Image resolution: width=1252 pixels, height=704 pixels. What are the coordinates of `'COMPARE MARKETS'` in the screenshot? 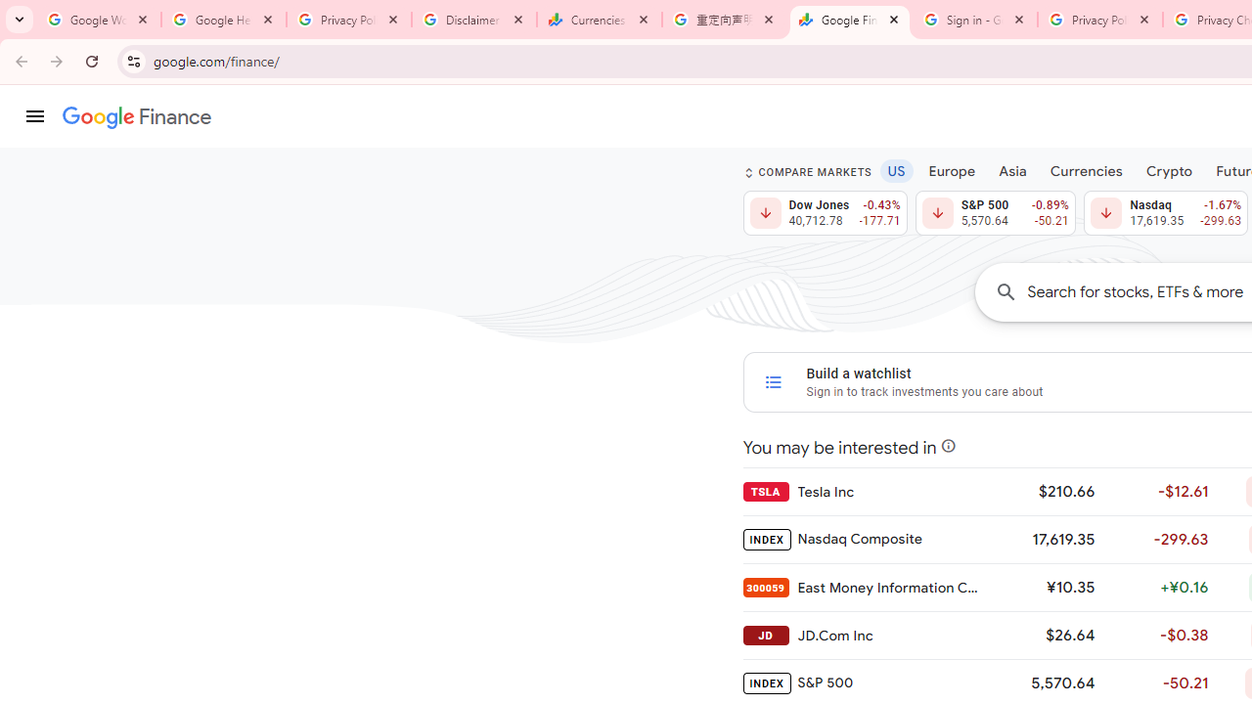 It's located at (807, 171).